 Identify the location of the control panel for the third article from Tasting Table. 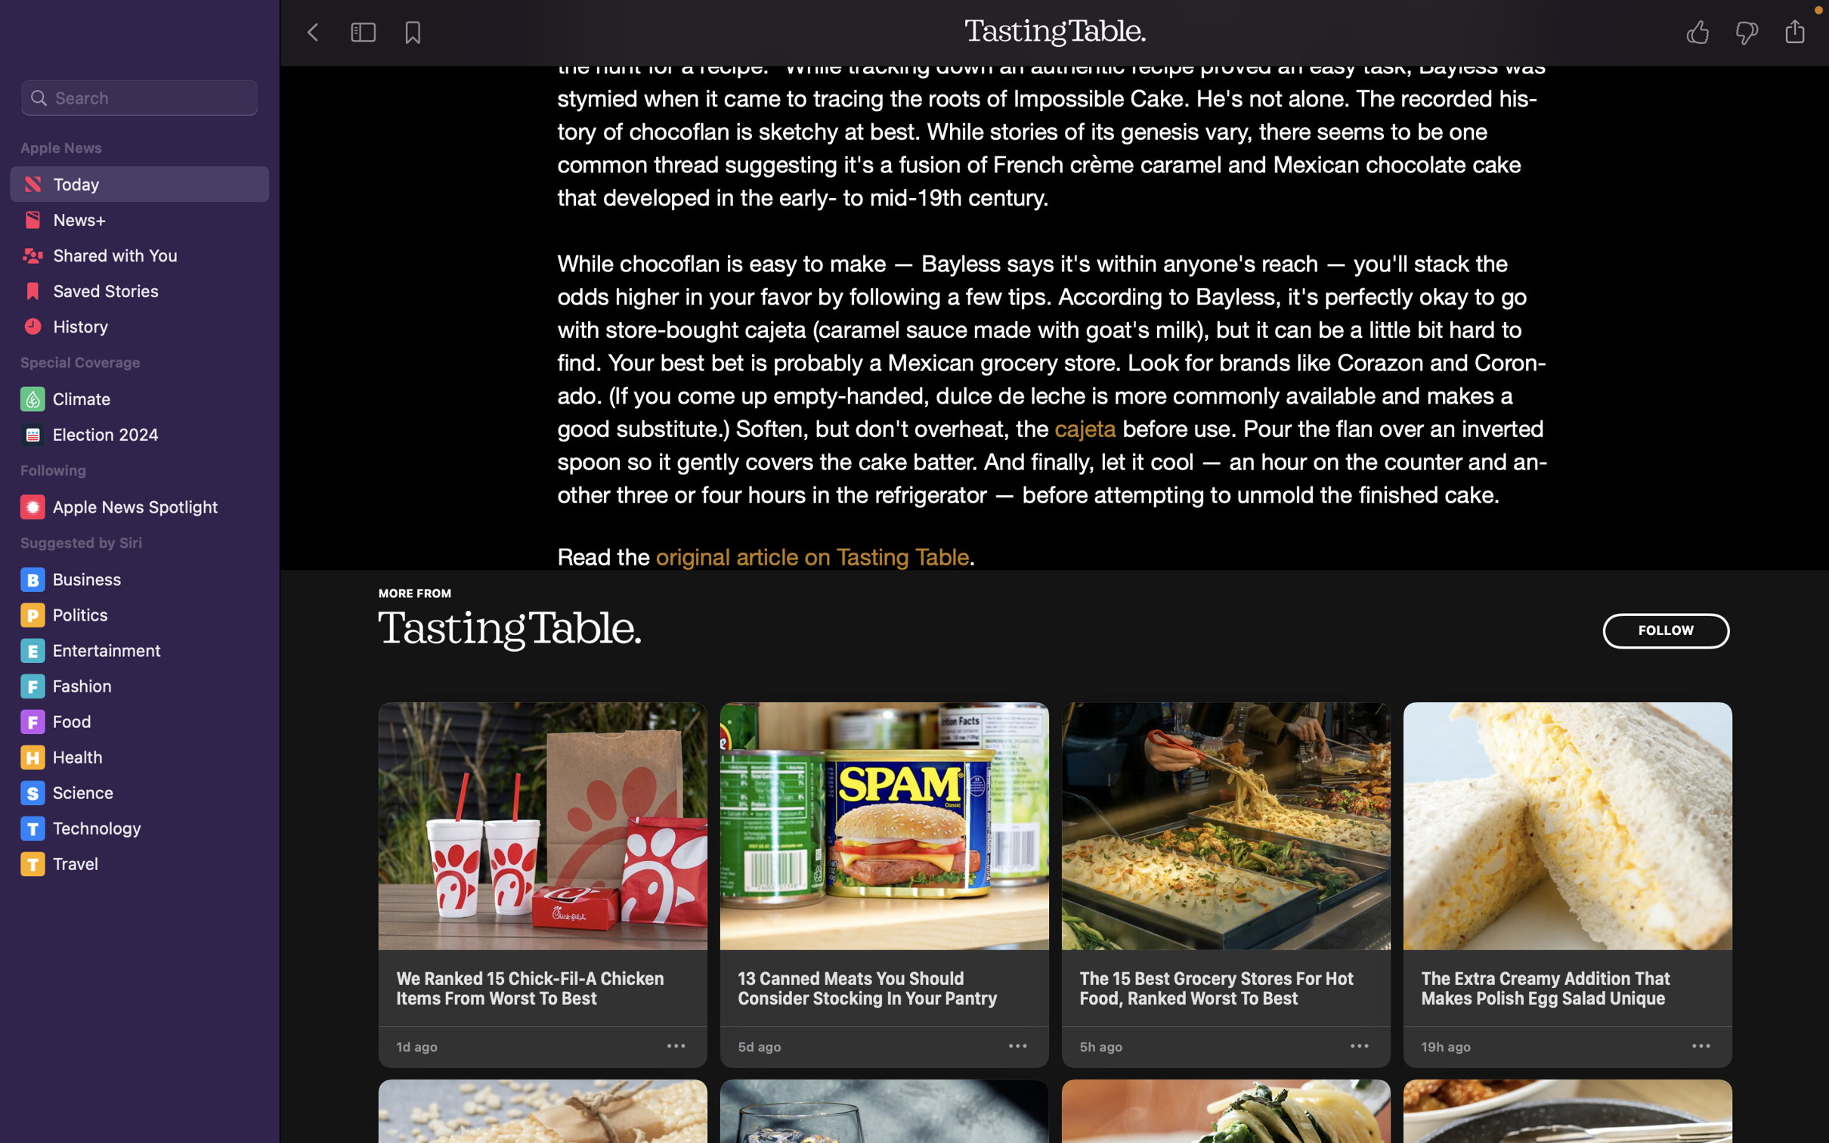
(1358, 1046).